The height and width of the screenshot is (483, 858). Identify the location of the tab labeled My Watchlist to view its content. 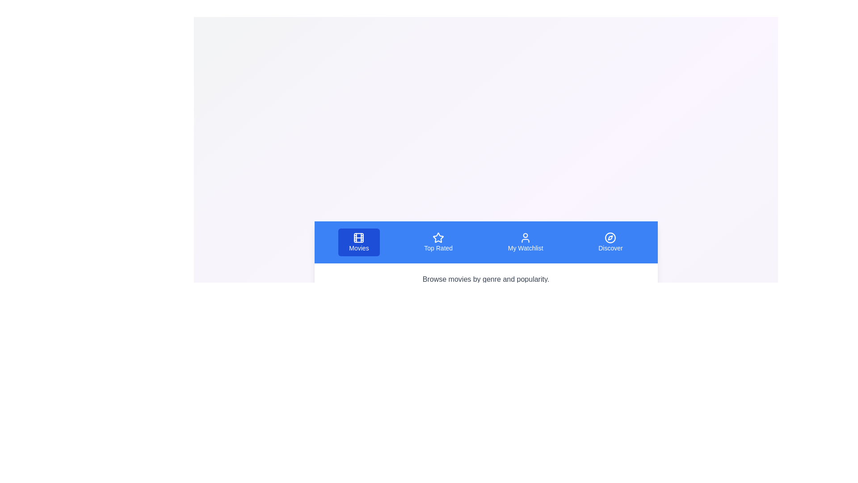
(526, 242).